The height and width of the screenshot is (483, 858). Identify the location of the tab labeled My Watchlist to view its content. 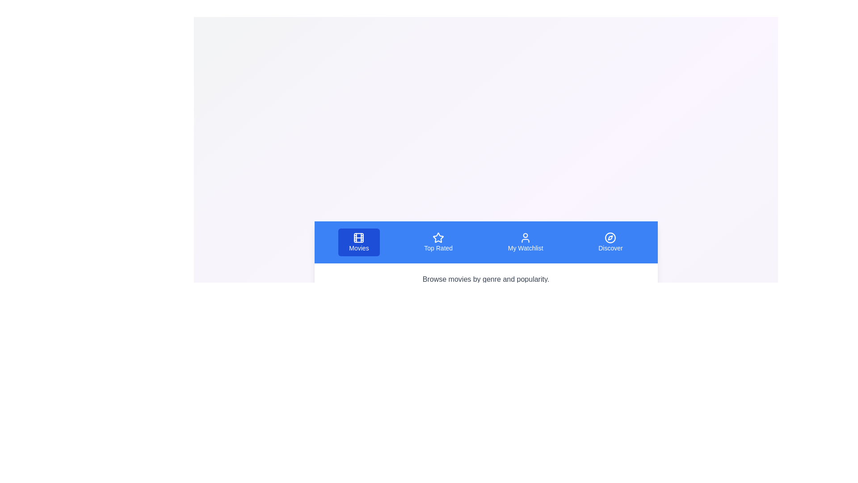
(526, 242).